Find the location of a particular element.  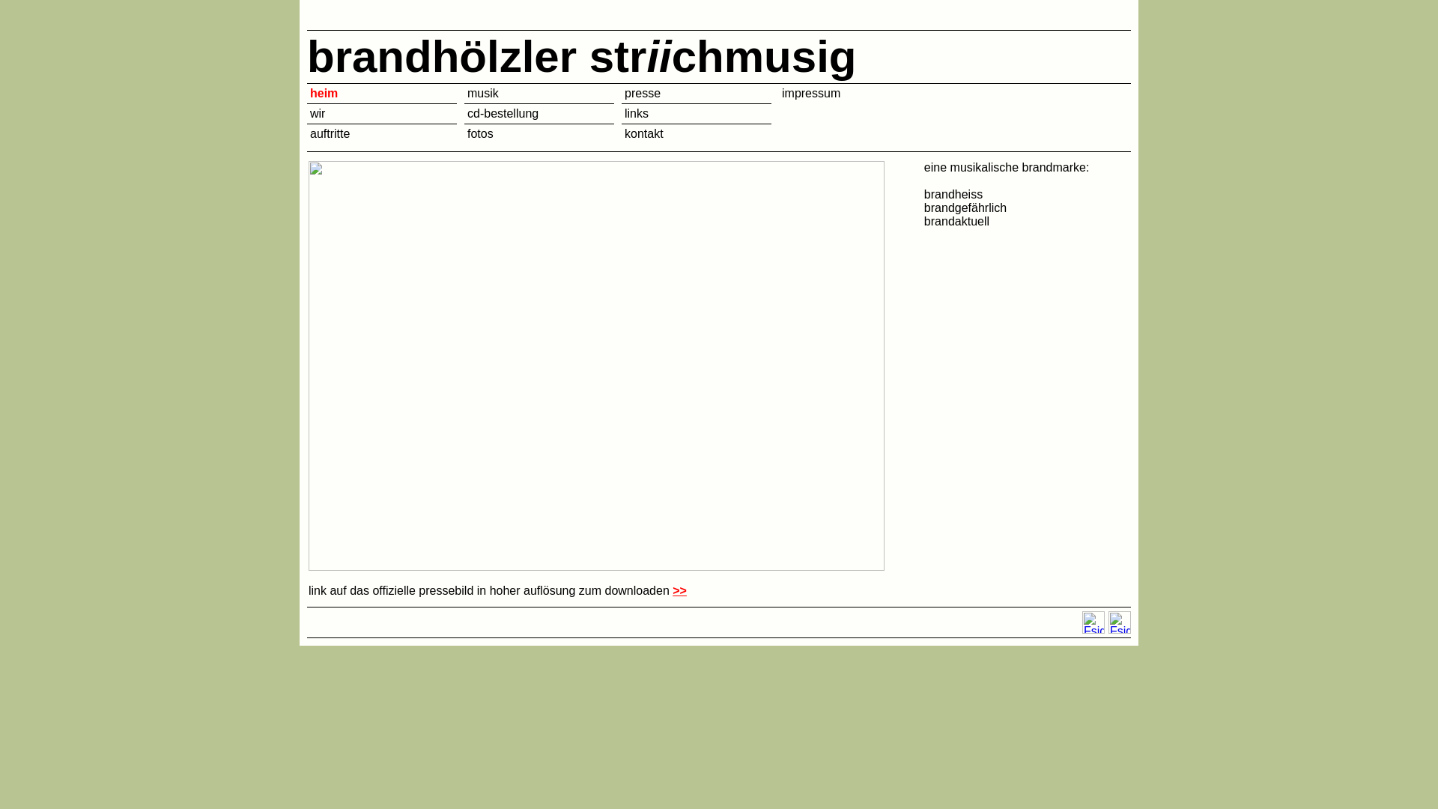

'wir' is located at coordinates (316, 112).